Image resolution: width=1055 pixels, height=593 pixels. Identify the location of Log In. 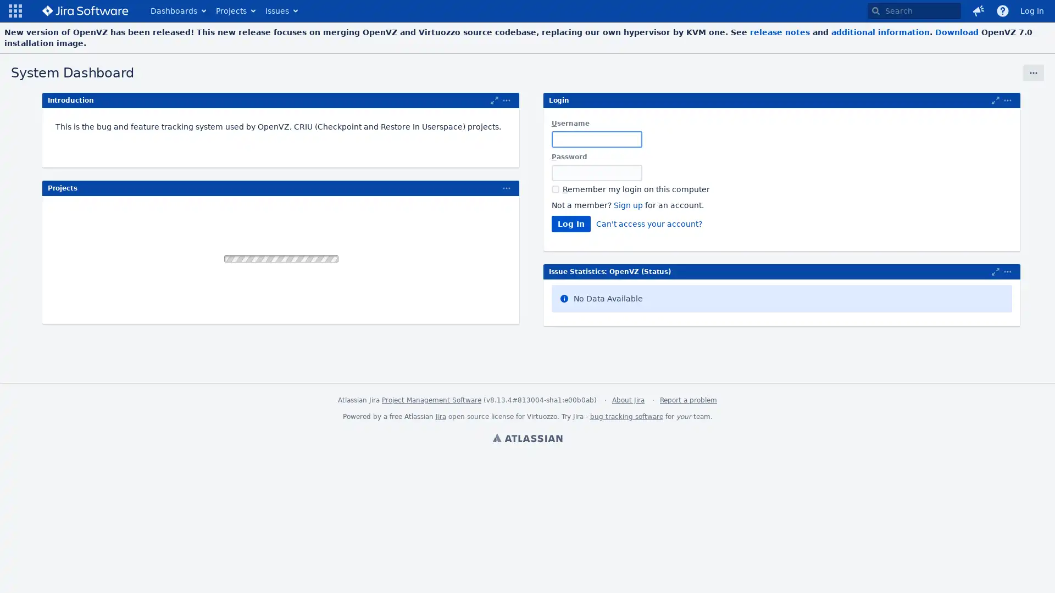
(571, 223).